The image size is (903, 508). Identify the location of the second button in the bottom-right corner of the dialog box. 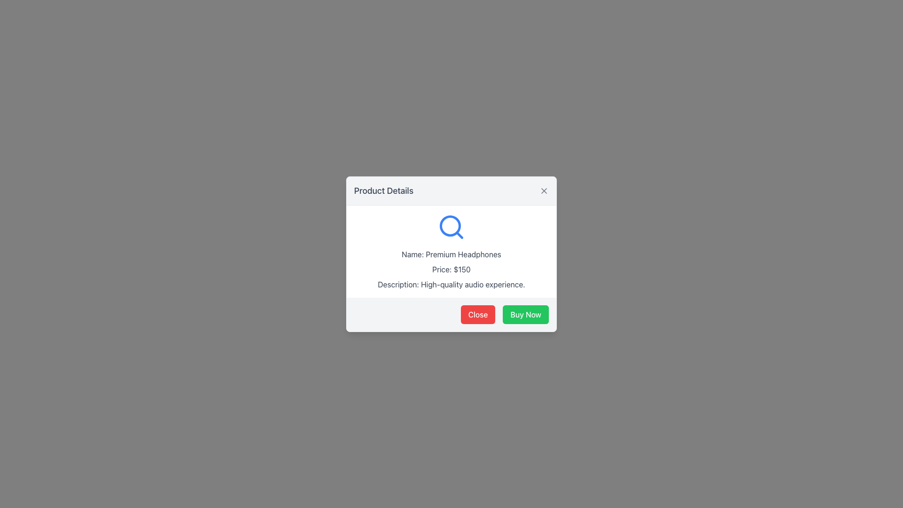
(525, 314).